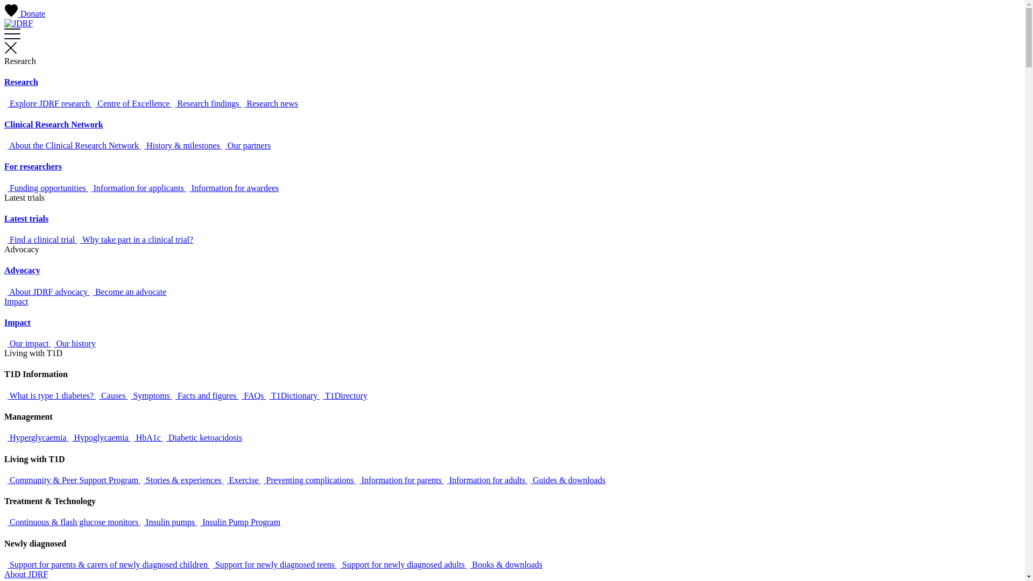 The width and height of the screenshot is (1033, 581). What do you see at coordinates (401, 564) in the screenshot?
I see `'Support for newly diagnosed adults'` at bounding box center [401, 564].